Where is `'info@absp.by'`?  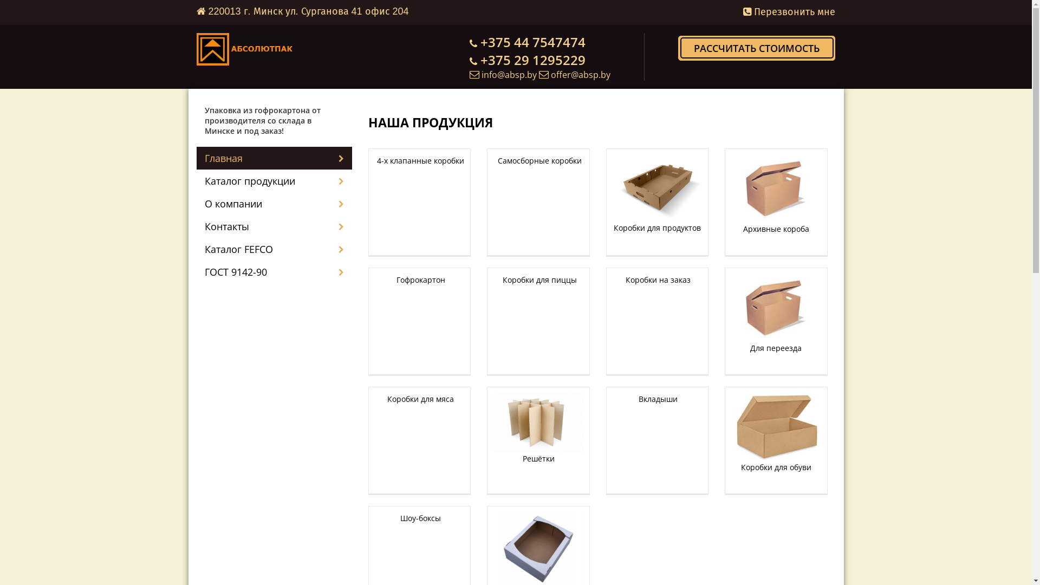 'info@absp.by' is located at coordinates (509, 74).